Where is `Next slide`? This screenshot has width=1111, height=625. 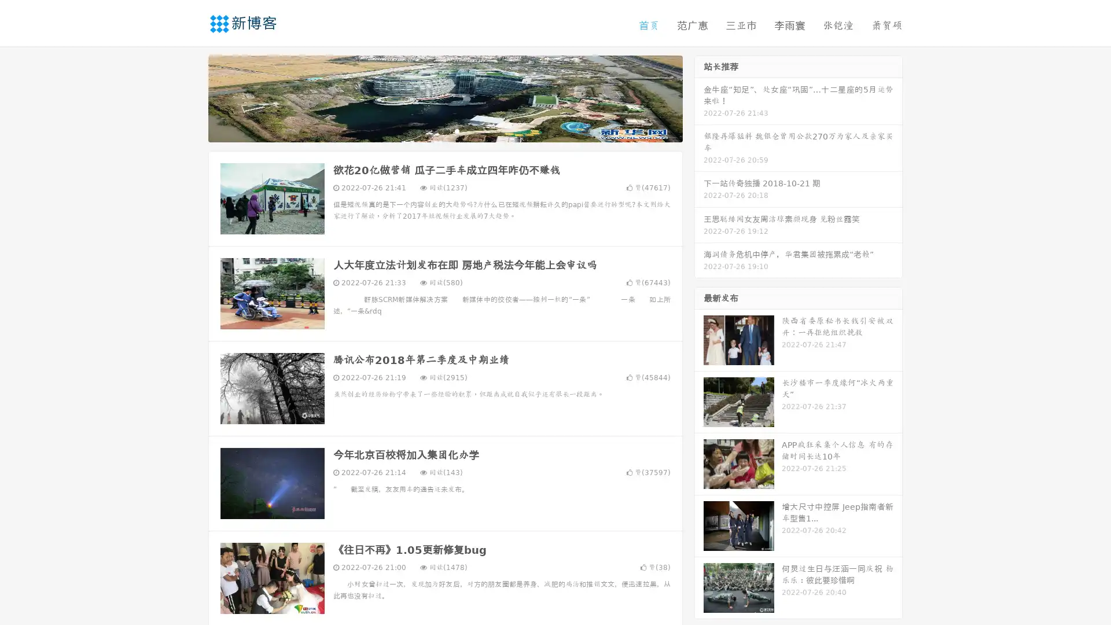
Next slide is located at coordinates (699, 97).